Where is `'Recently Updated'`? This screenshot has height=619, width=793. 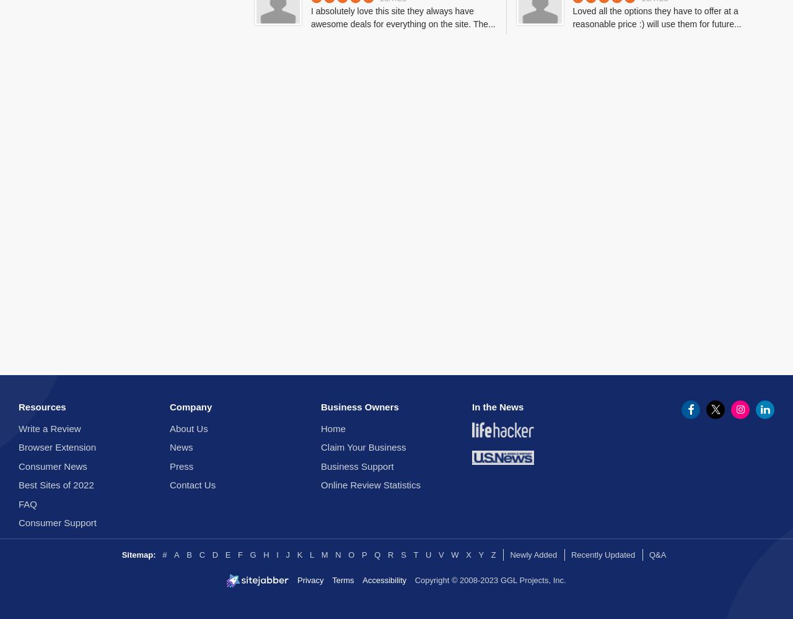 'Recently Updated' is located at coordinates (603, 554).